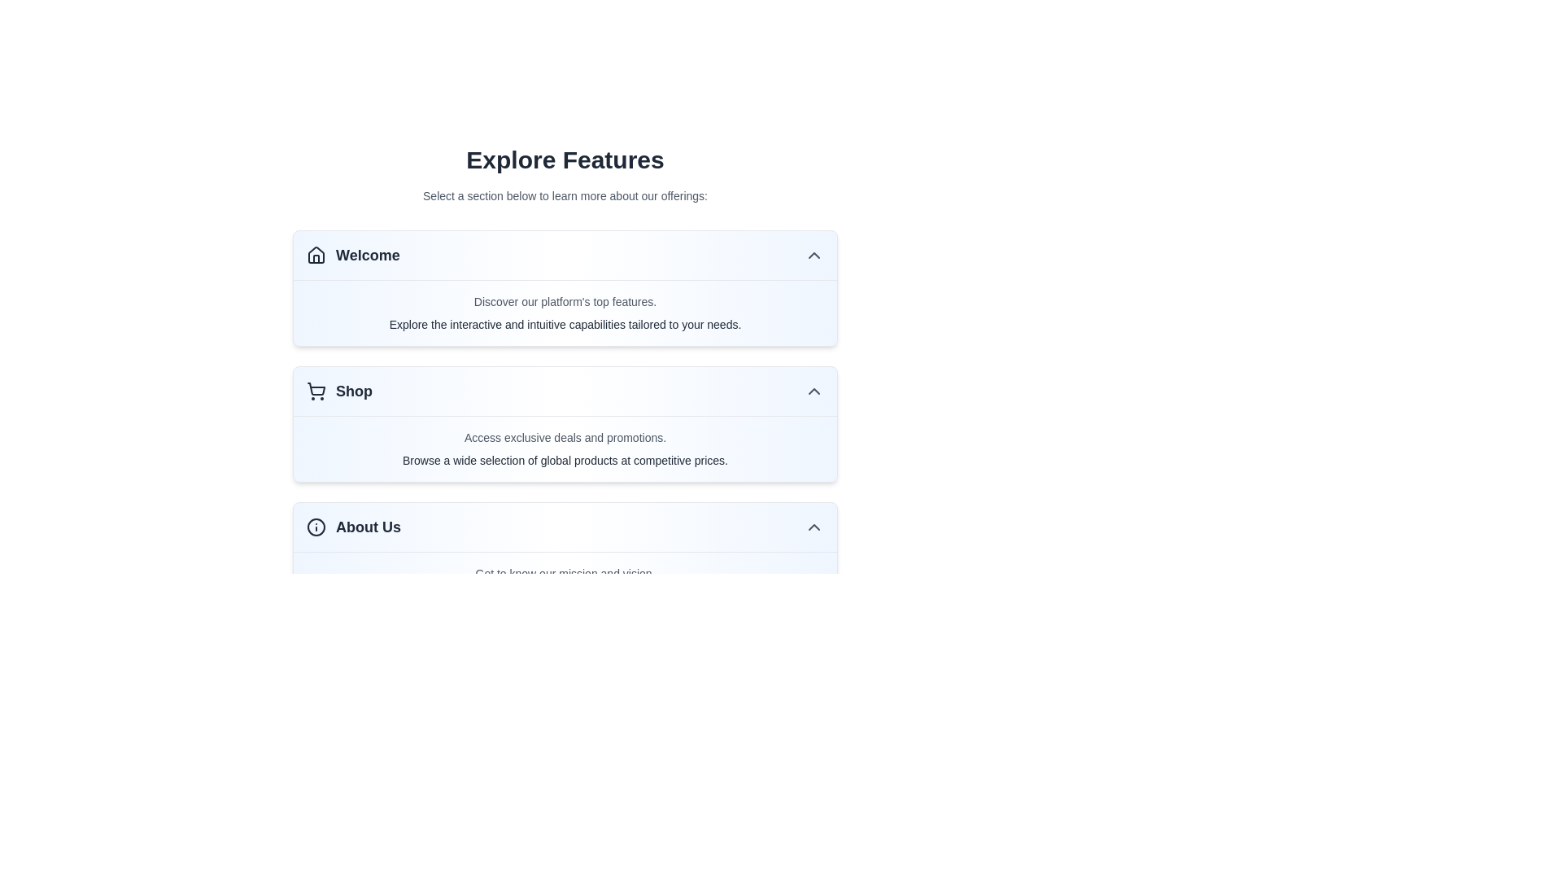 This screenshot has height=879, width=1562. Describe the element at coordinates (338, 391) in the screenshot. I see `the shopping cart icon and 'Shop' label element located below the 'Welcome' section and above the 'About Us' section` at that location.